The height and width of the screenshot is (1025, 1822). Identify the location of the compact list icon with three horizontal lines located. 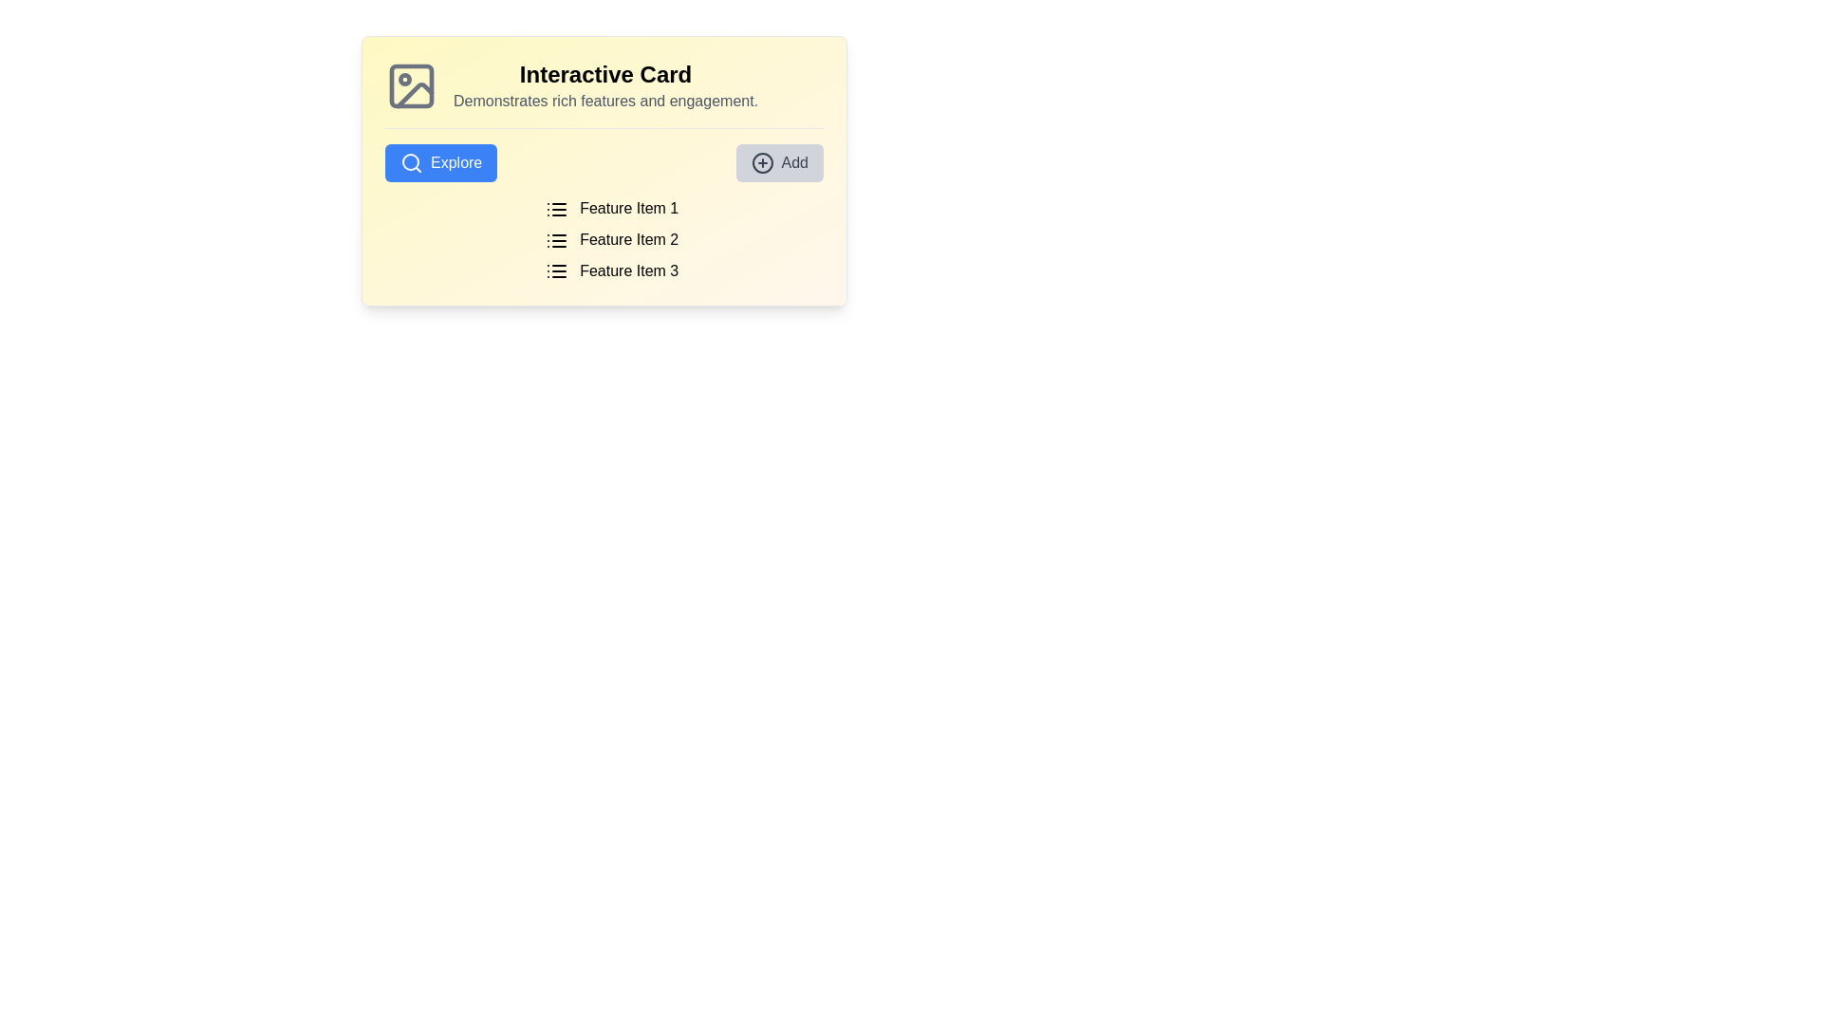
(555, 271).